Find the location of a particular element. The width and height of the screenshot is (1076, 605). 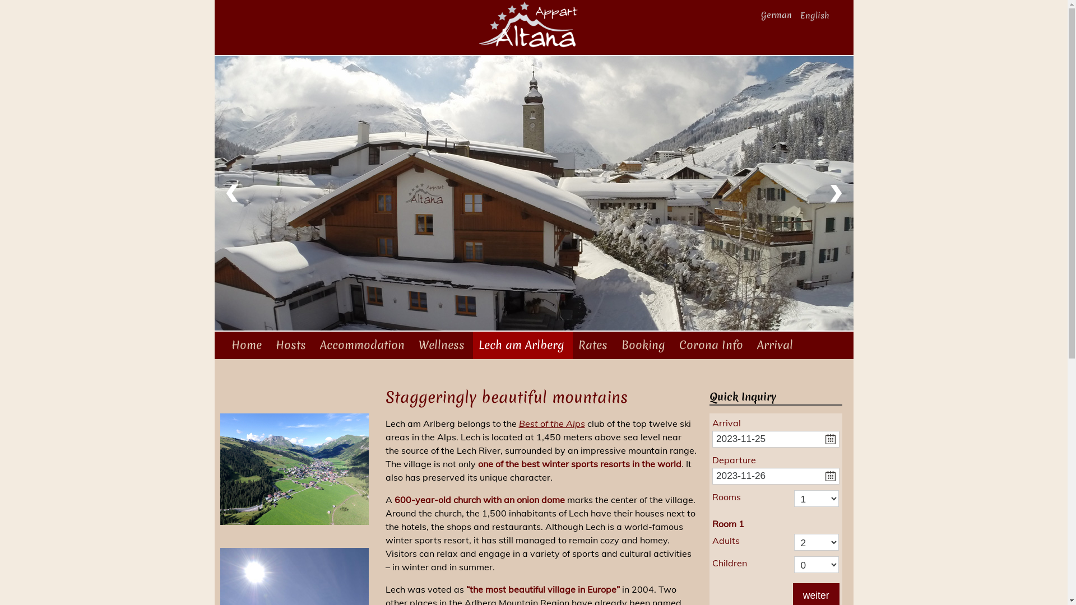

'Booking' is located at coordinates (644, 345).